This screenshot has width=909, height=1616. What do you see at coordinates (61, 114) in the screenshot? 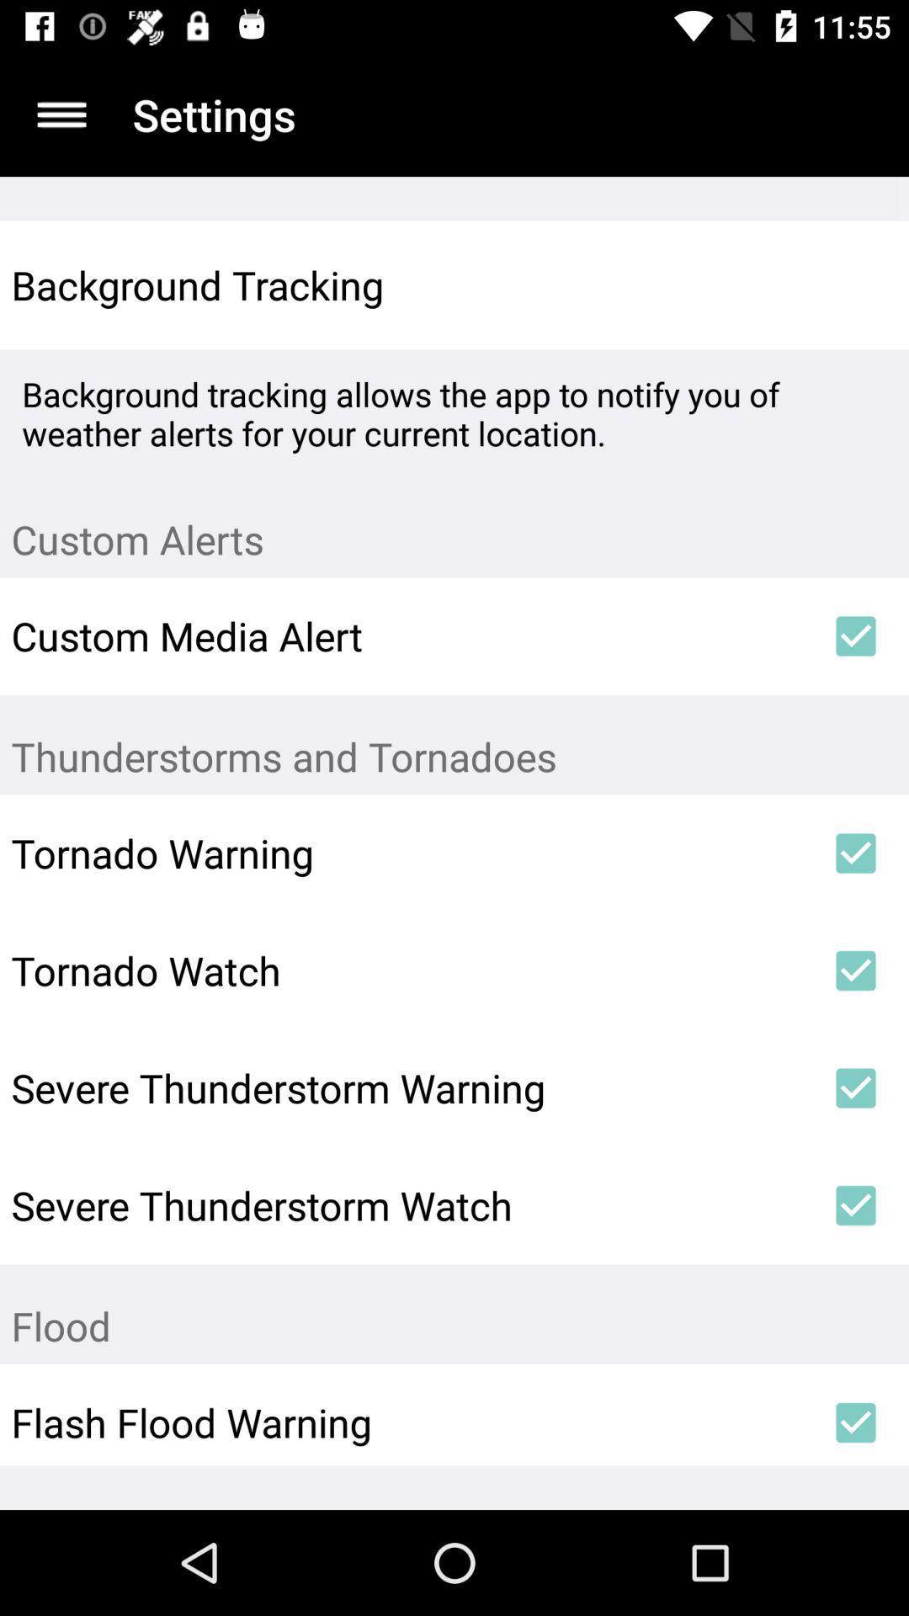
I see `the item above background tracking item` at bounding box center [61, 114].